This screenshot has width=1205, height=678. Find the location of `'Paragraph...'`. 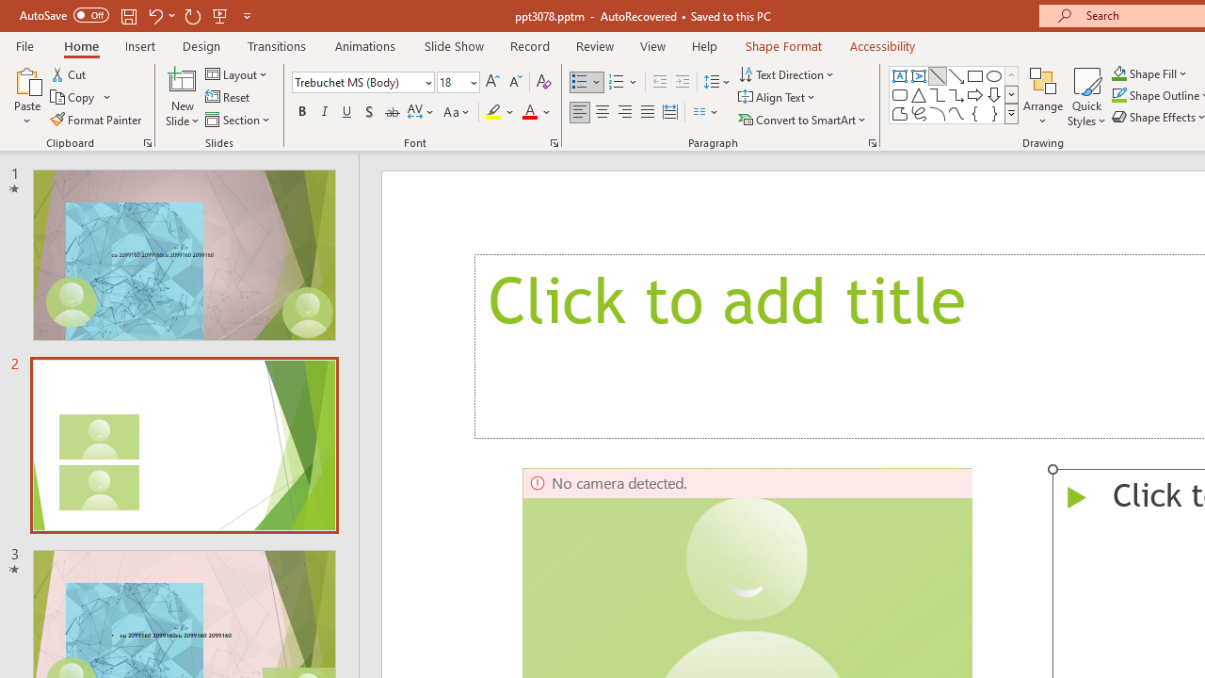

'Paragraph...' is located at coordinates (871, 141).